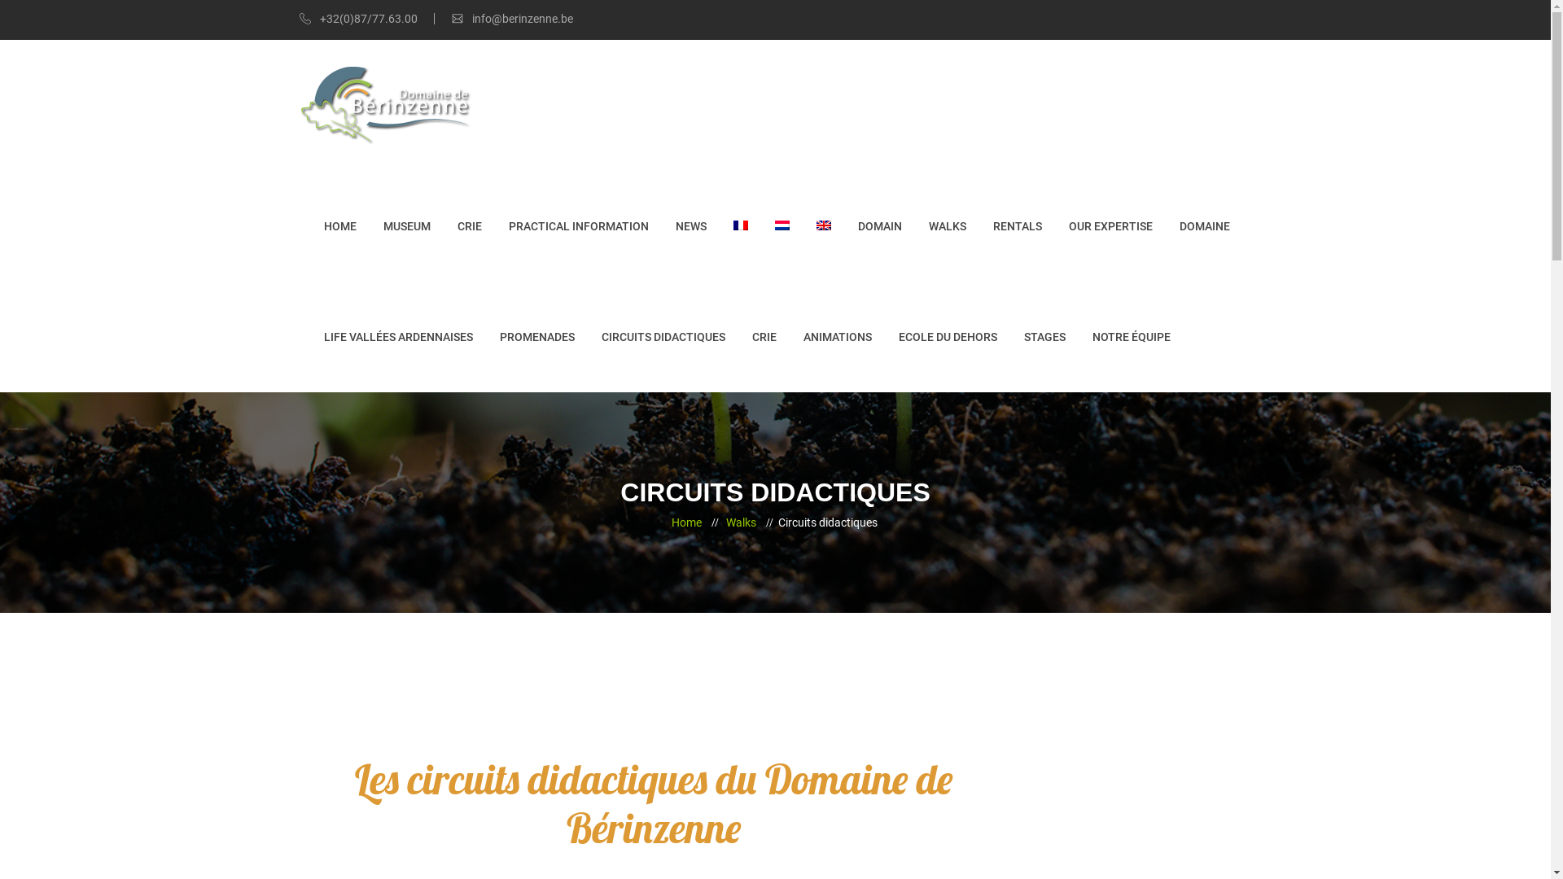 The image size is (1563, 879). Describe the element at coordinates (537, 335) in the screenshot. I see `'PROMENADES'` at that location.